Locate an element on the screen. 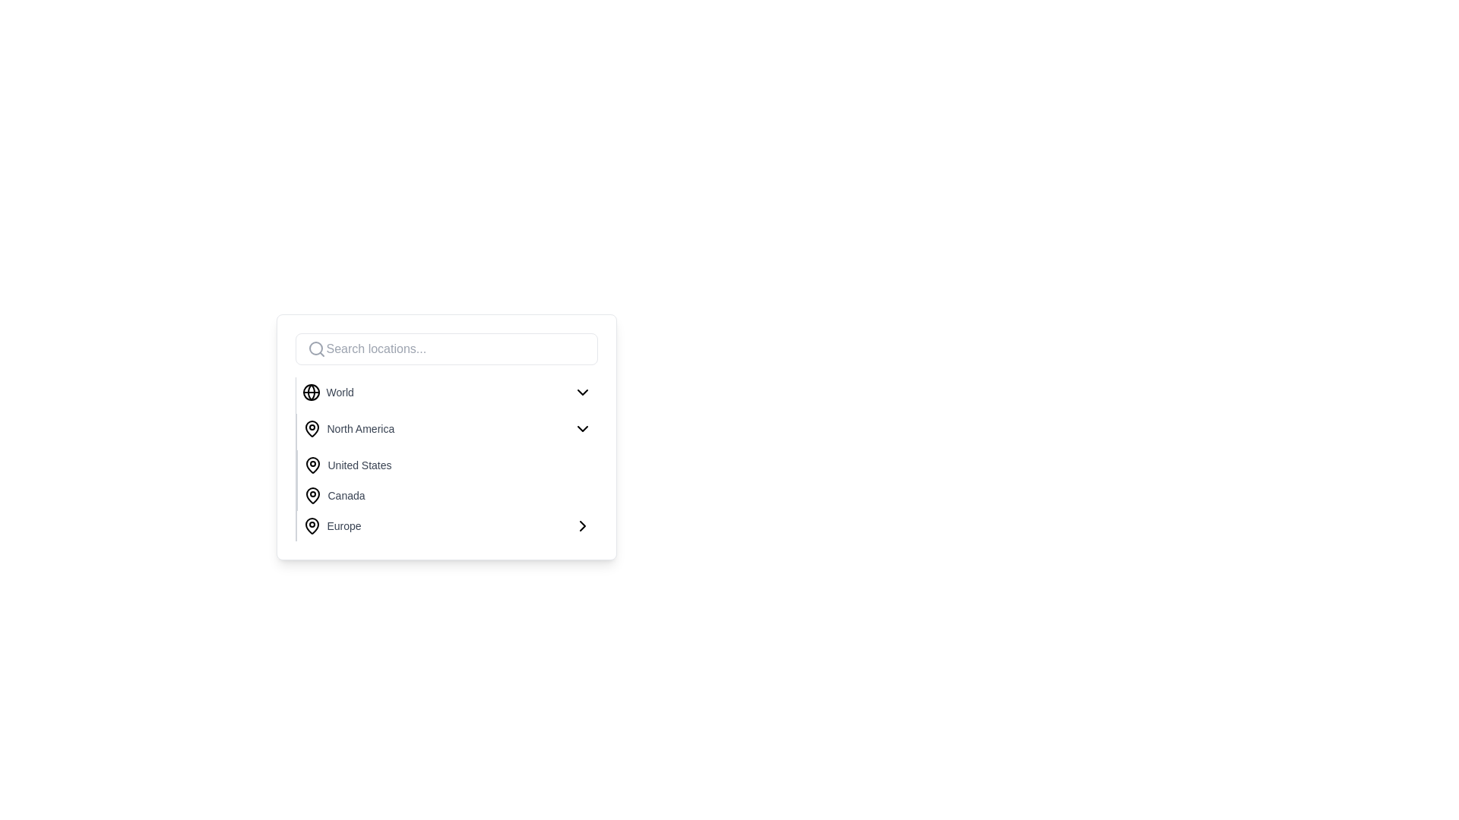 The height and width of the screenshot is (820, 1459). the 'Europe' menu item, which features a gray text label and a black outline location pin icon is located at coordinates (331, 525).